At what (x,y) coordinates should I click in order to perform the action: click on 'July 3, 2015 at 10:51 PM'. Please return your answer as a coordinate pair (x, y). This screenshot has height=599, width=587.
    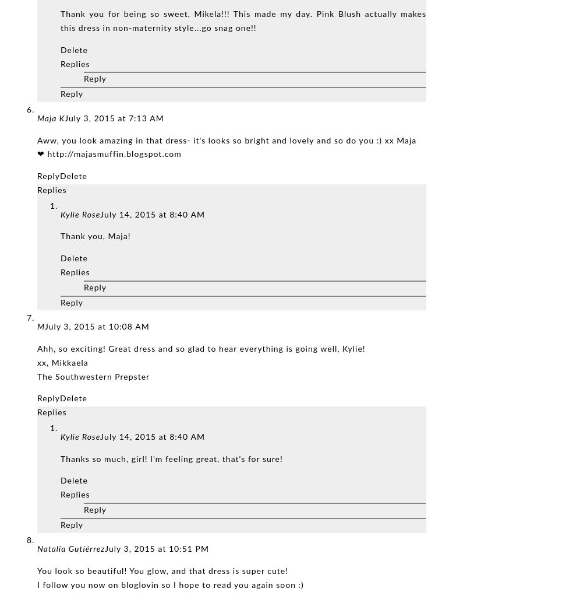
    Looking at the image, I should click on (157, 549).